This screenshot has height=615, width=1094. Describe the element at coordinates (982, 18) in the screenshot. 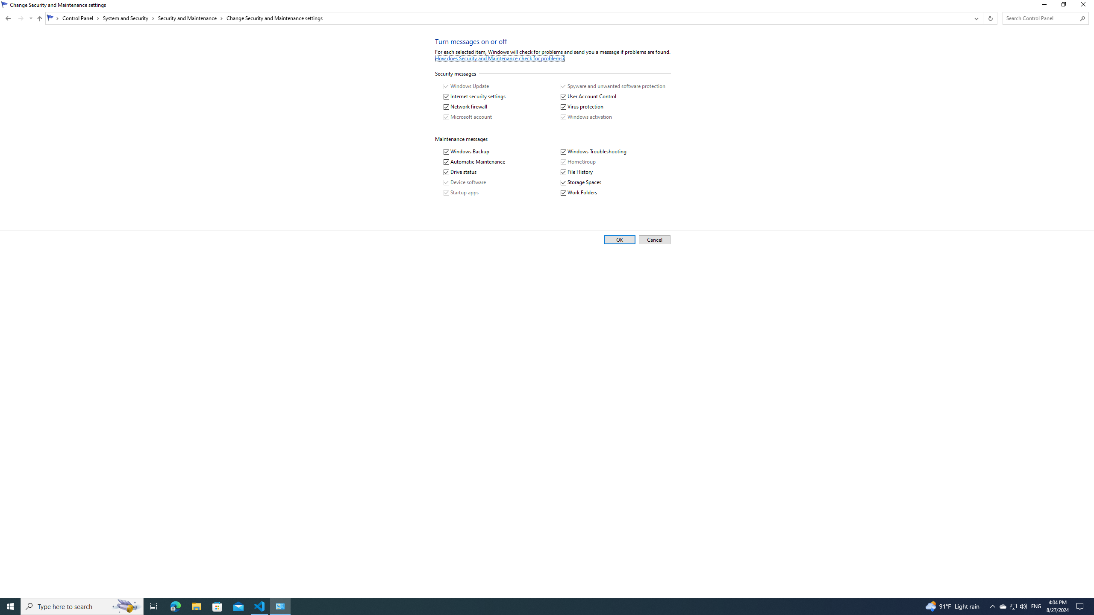

I see `'Address band toolbar'` at that location.